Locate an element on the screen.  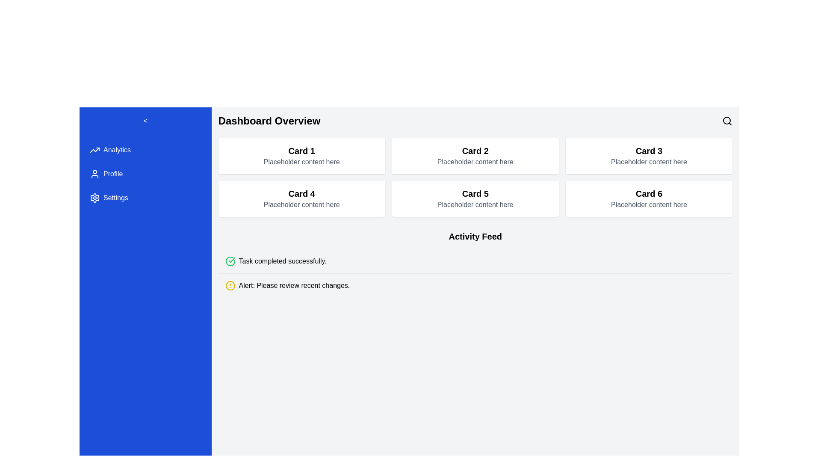
the 'Settings' navigation button located in the sidebar menu, which is the third item in the vertically stacked list of options is located at coordinates (145, 198).